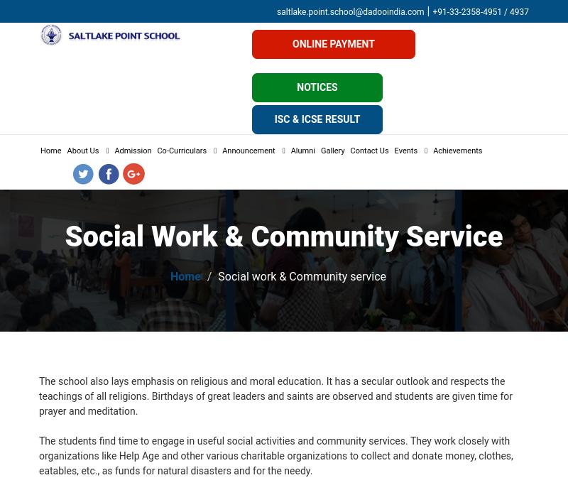  What do you see at coordinates (276, 11) in the screenshot?
I see `'saltlake.point.school@dadooindia.com'` at bounding box center [276, 11].